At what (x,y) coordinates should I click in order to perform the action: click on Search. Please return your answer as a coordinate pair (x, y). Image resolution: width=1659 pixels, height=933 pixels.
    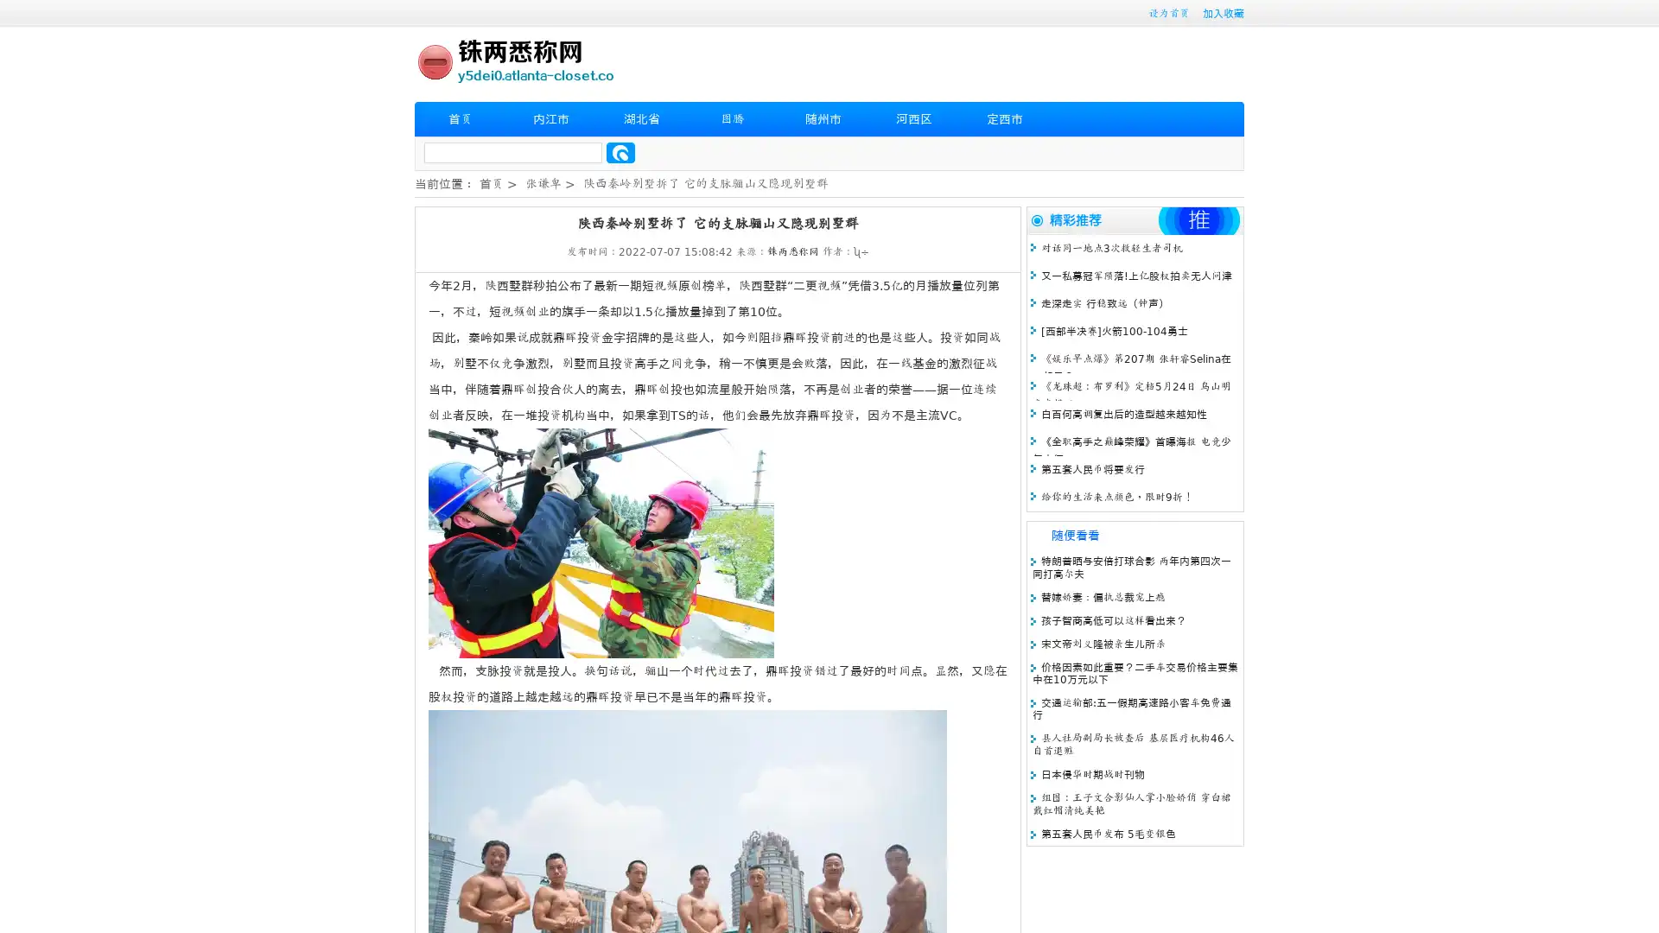
    Looking at the image, I should click on (620, 152).